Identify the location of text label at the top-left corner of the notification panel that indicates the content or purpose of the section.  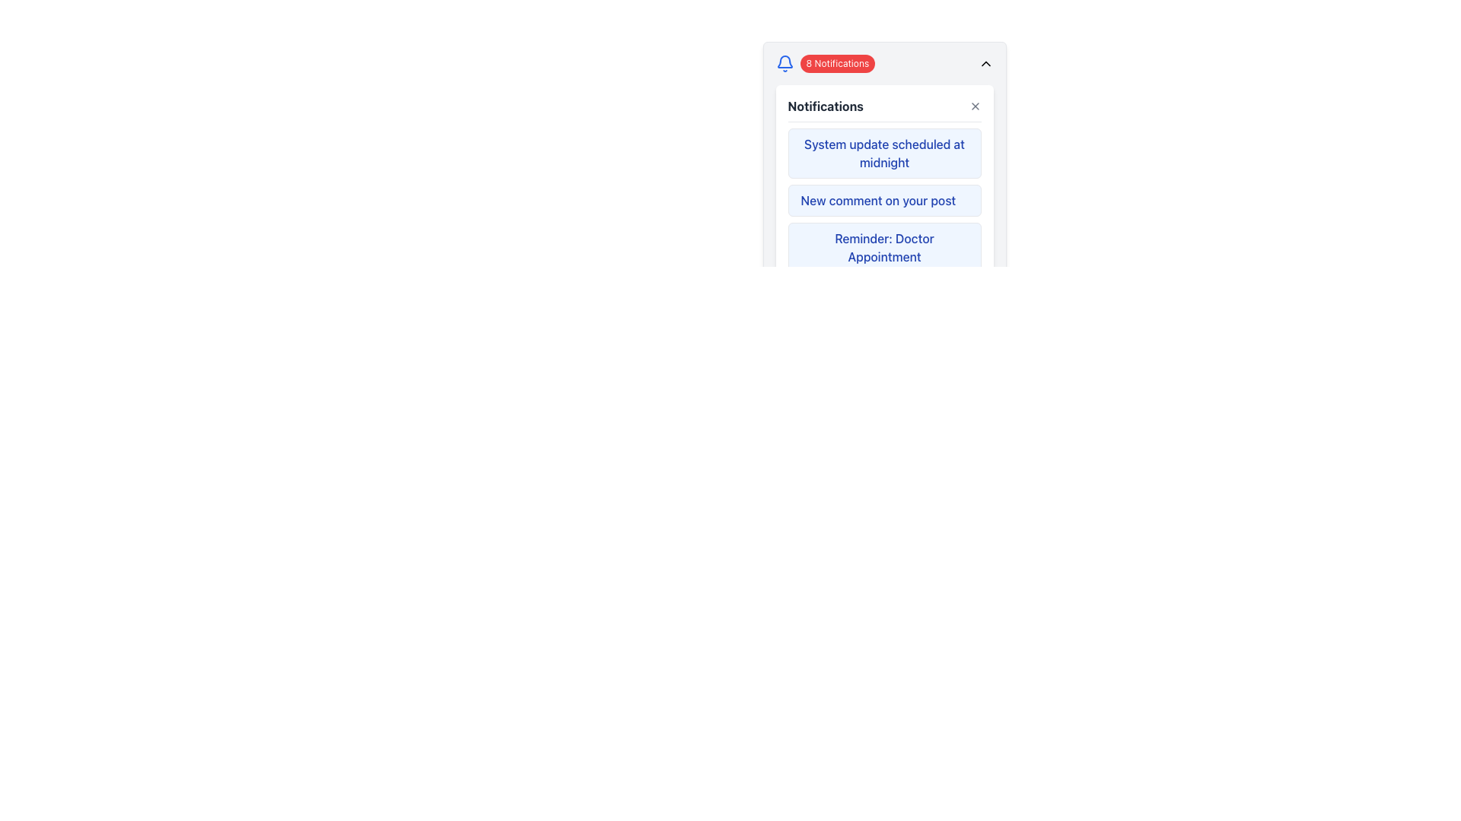
(825, 105).